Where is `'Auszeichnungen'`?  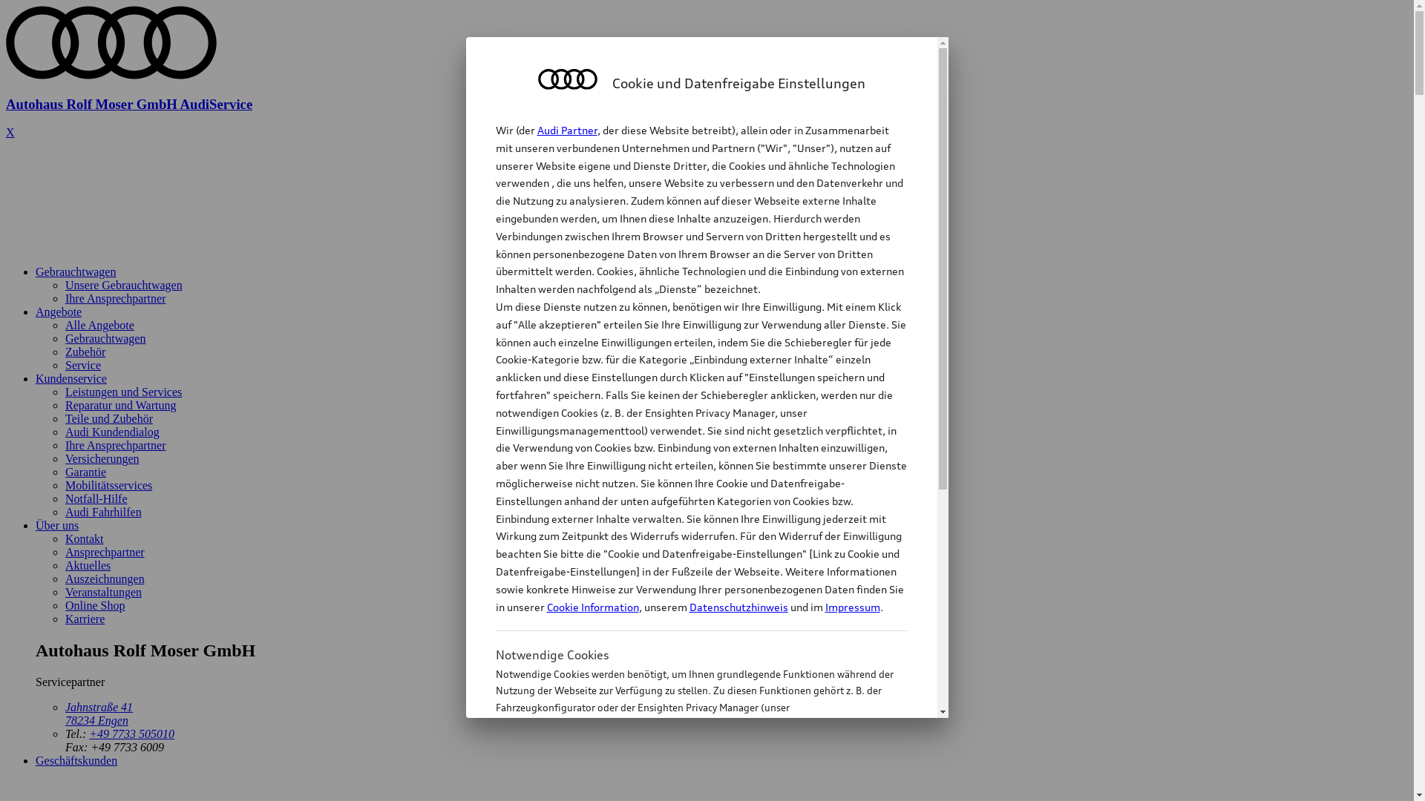 'Auszeichnungen' is located at coordinates (104, 578).